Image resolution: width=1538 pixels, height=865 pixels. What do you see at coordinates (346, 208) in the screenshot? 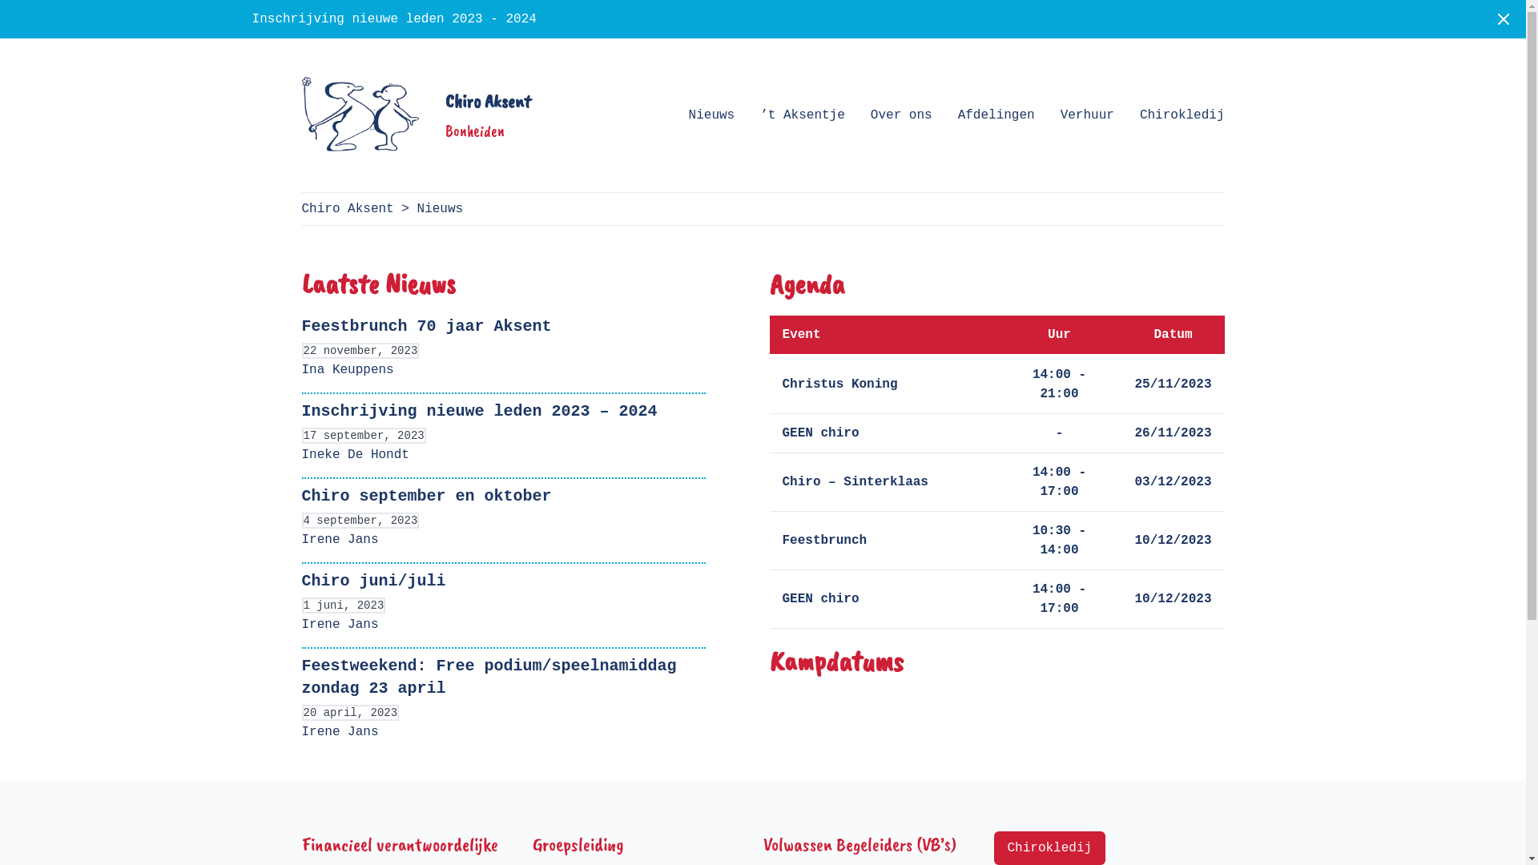
I see `'Chiro Aksent'` at bounding box center [346, 208].